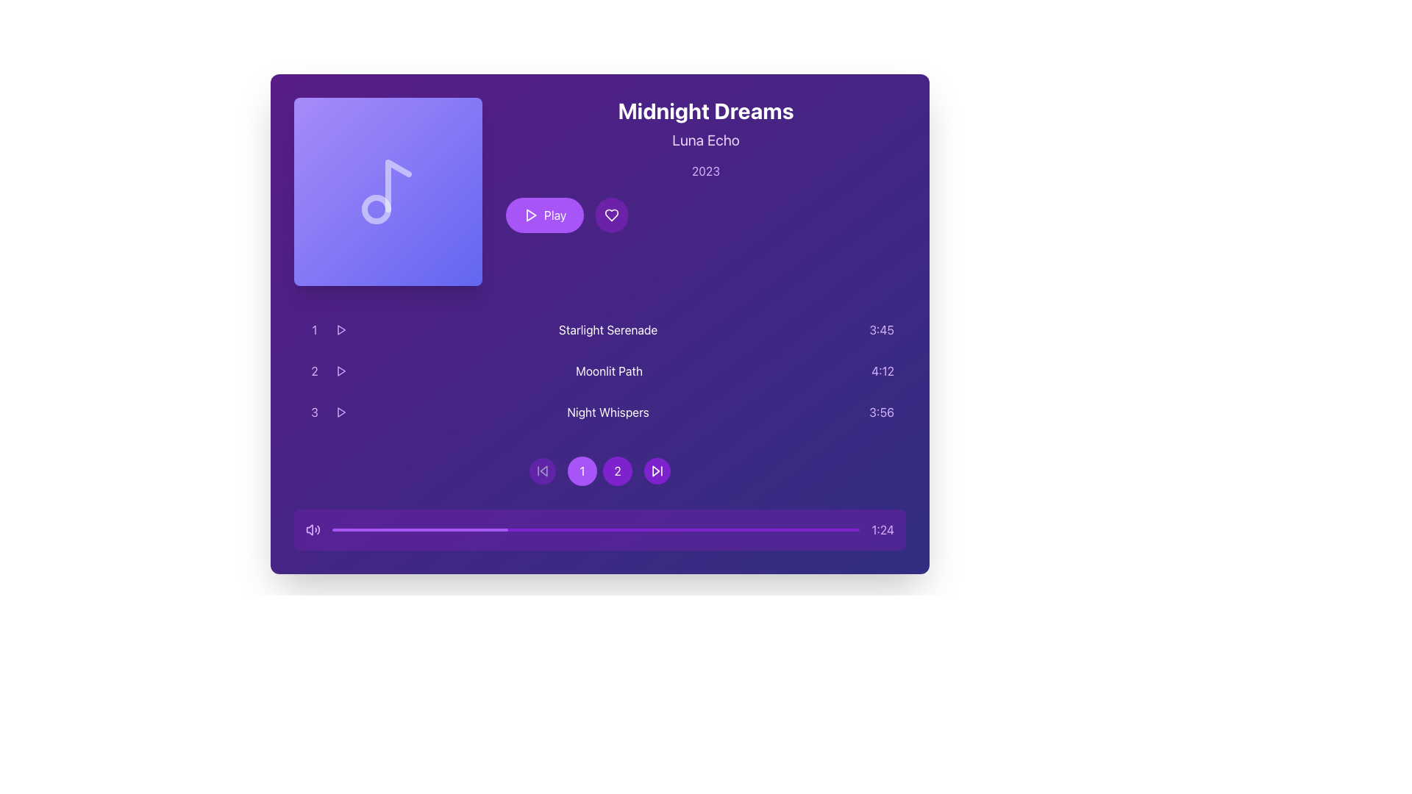  Describe the element at coordinates (596, 530) in the screenshot. I see `the progress bar at the center point to move to a specific point in the media playback` at that location.